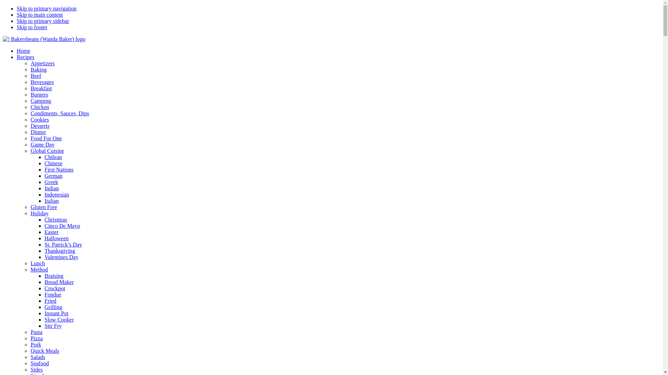 This screenshot has height=375, width=668. What do you see at coordinates (44, 219) in the screenshot?
I see `'Christmas'` at bounding box center [44, 219].